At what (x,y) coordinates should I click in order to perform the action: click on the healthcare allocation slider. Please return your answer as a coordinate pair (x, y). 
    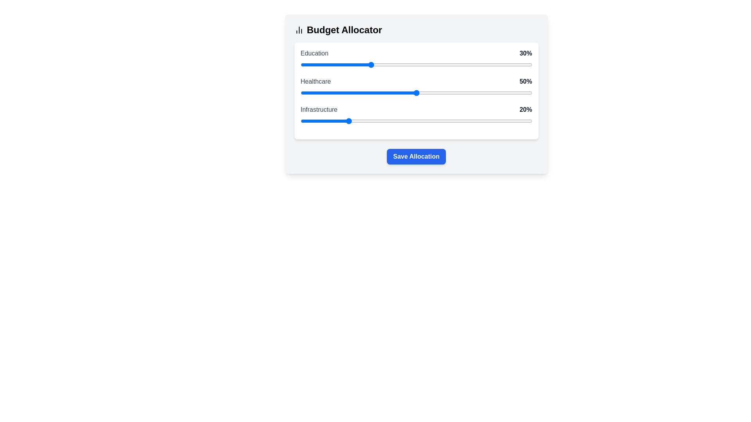
    Looking at the image, I should click on (351, 93).